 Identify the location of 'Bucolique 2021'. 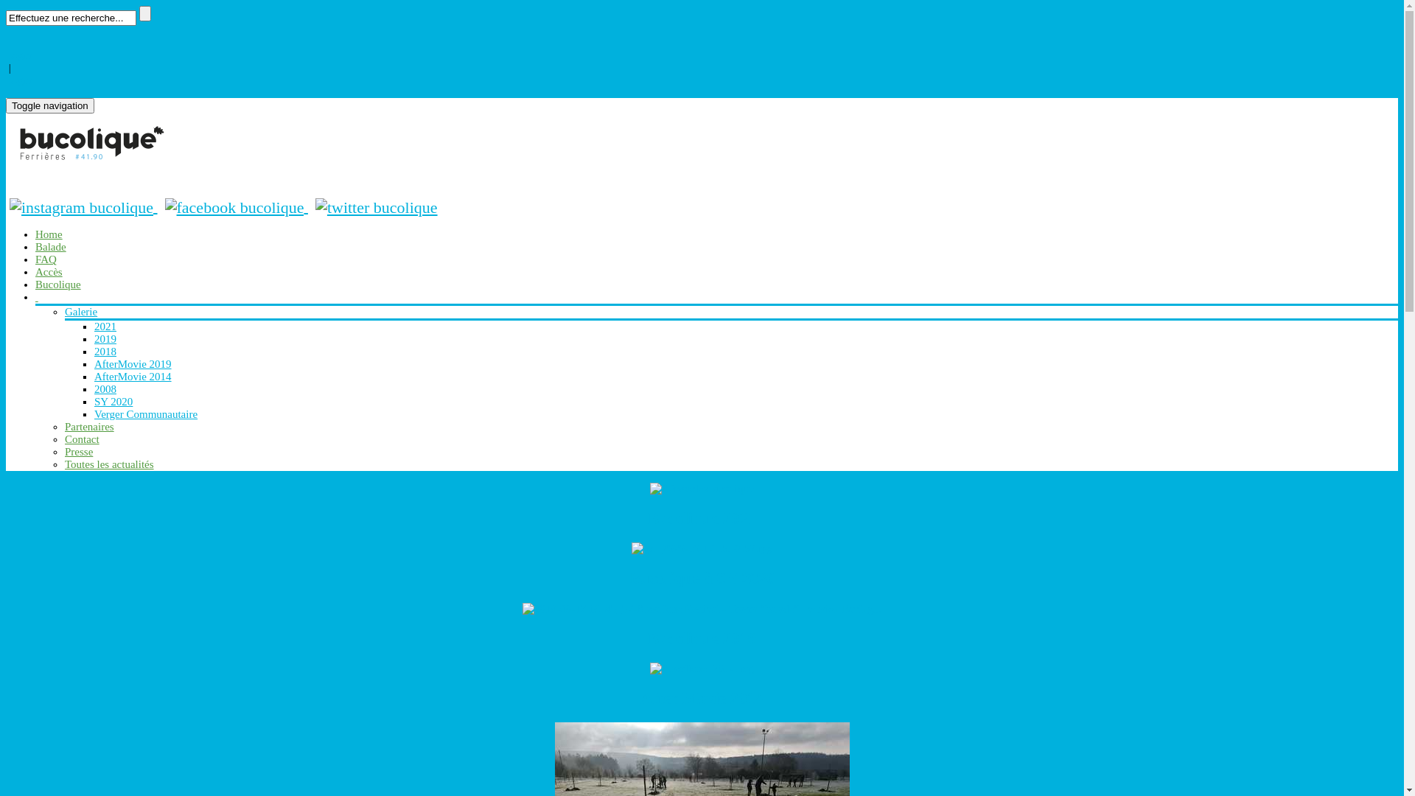
(701, 517).